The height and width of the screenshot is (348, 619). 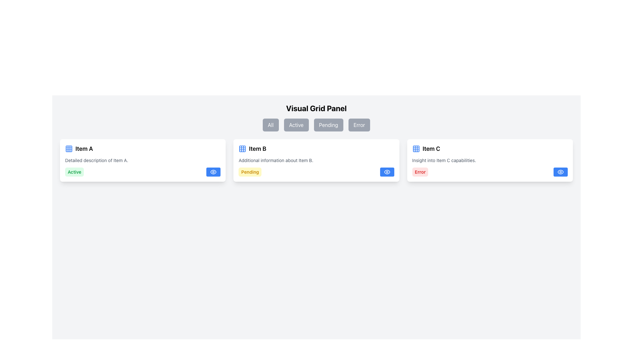 I want to click on the blue grid icon located next to the text 'Item C', so click(x=416, y=149).